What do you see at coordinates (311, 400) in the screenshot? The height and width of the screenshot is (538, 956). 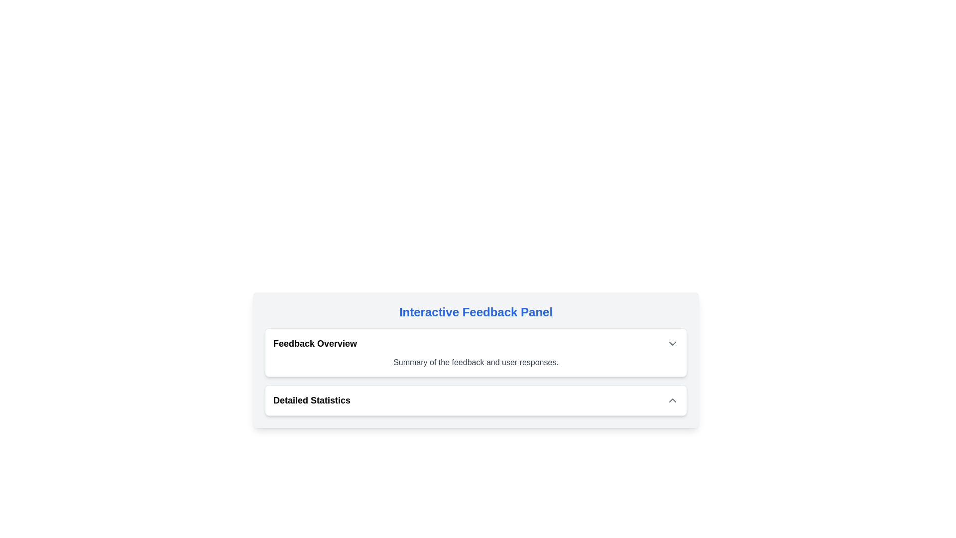 I see `the 'Detailed Statistics' heading label, which is displayed in bold and slightly larger font, located to the left of an upward chevron icon within the lower part of a card` at bounding box center [311, 400].